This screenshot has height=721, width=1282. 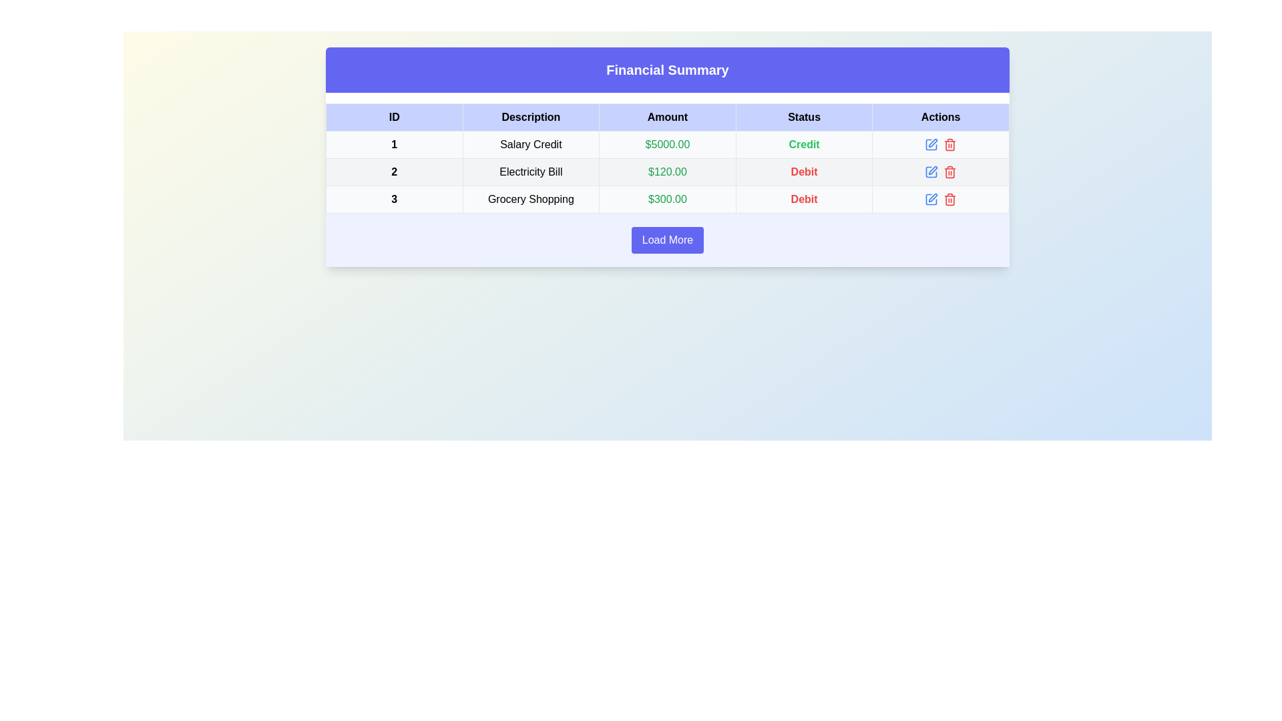 What do you see at coordinates (530, 144) in the screenshot?
I see `the 'Salary Credit' text label located in the second cell of the first row under the 'Description' column of the table` at bounding box center [530, 144].